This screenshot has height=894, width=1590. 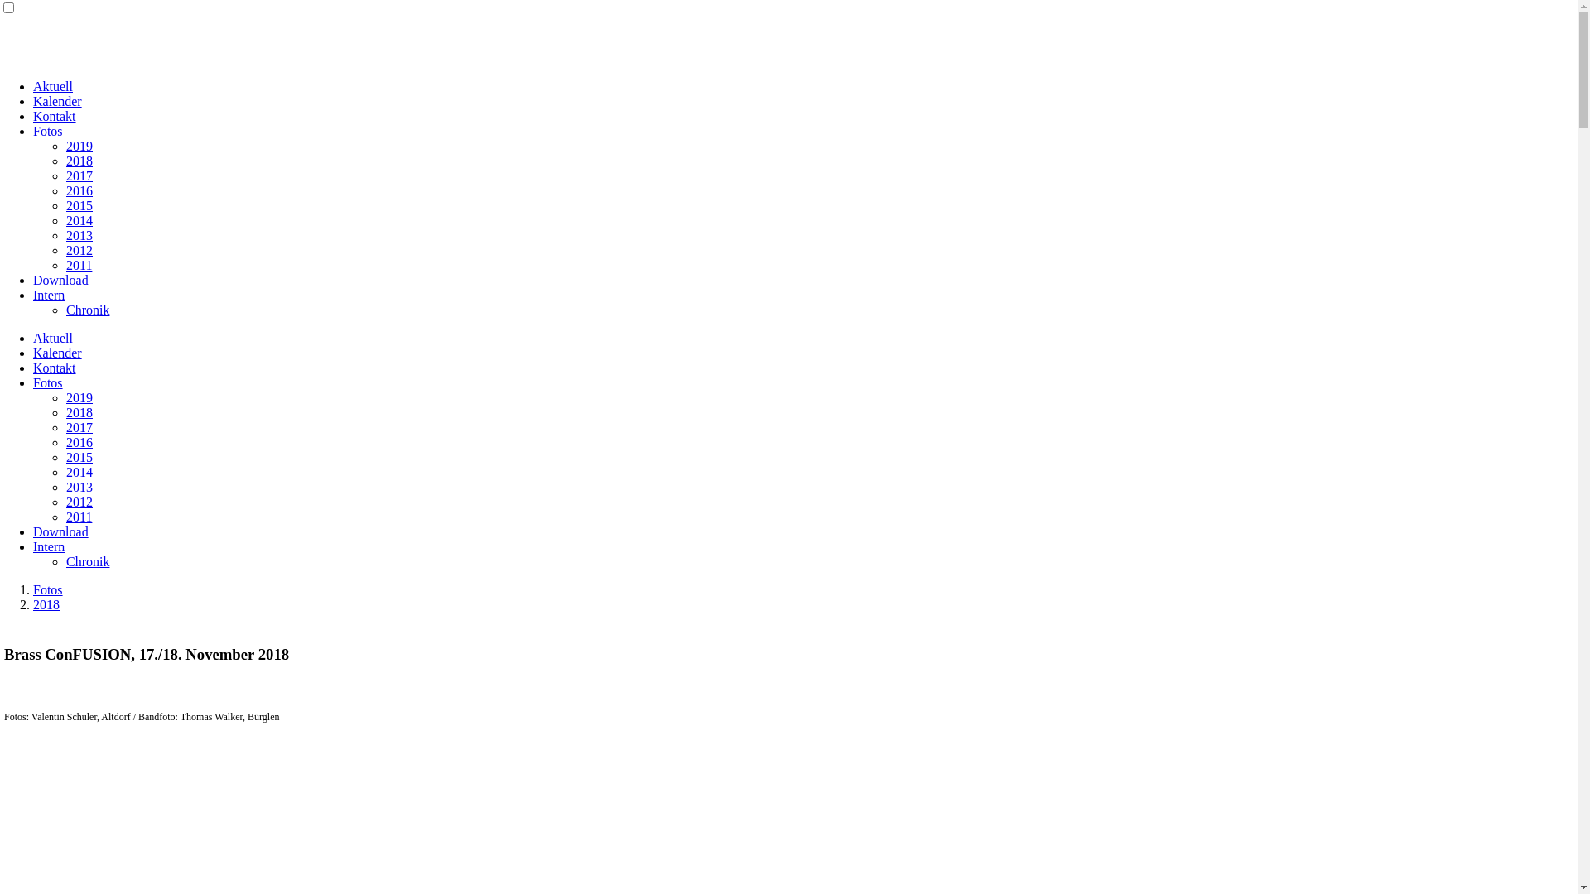 I want to click on '2013', so click(x=79, y=235).